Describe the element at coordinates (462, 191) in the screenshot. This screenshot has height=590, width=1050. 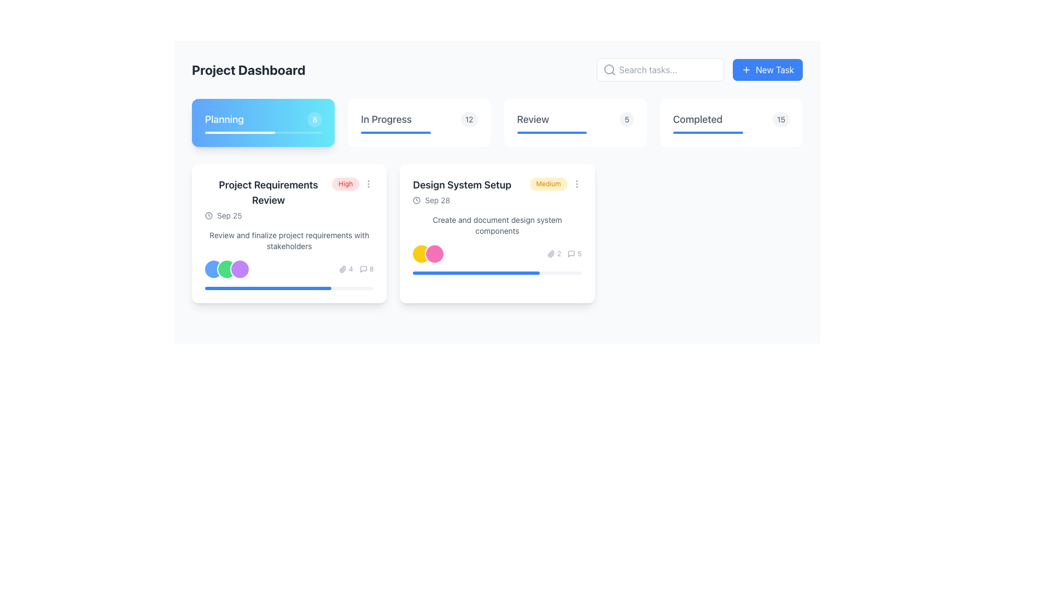
I see `the text block displaying the task title and date information located in the middle of the second card in the 'Planning' section of the project dashboard` at that location.